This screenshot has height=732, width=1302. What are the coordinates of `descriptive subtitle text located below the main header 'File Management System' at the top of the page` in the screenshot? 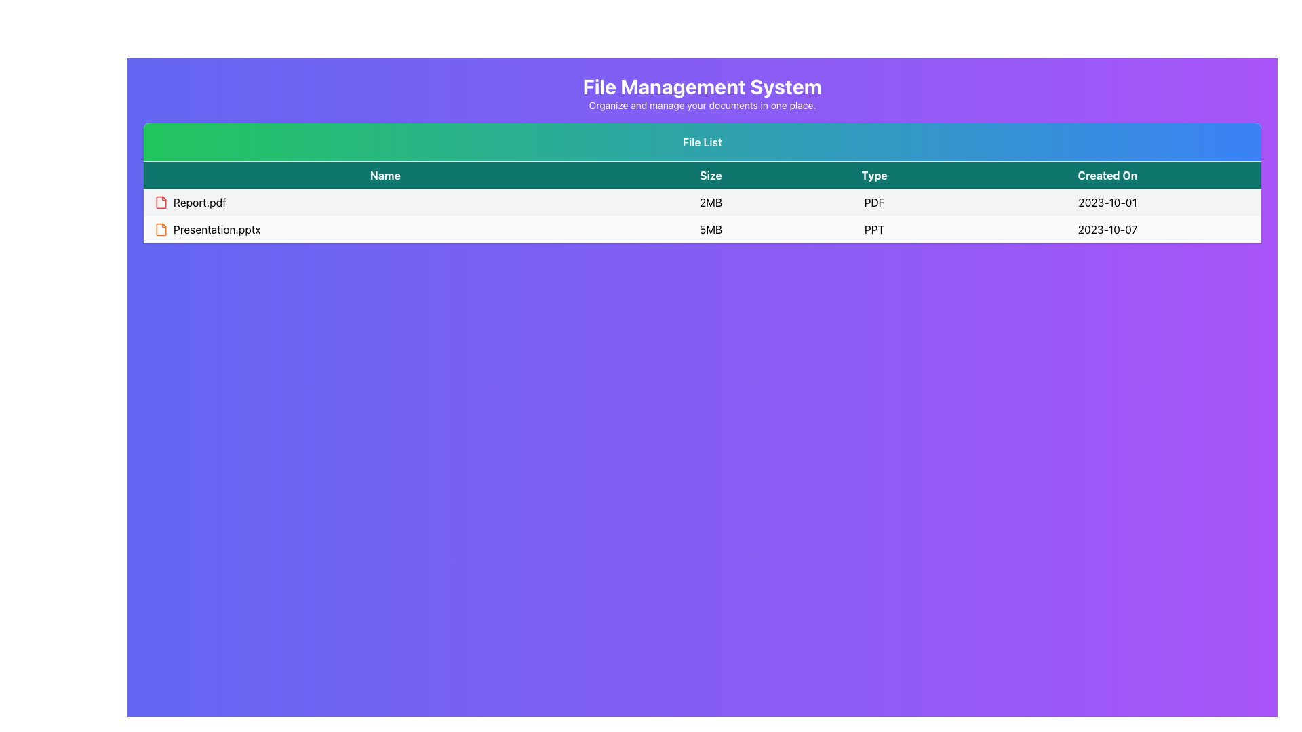 It's located at (703, 104).